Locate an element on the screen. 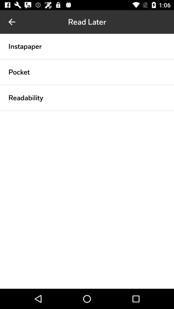  the icon above the pocket item is located at coordinates (87, 59).